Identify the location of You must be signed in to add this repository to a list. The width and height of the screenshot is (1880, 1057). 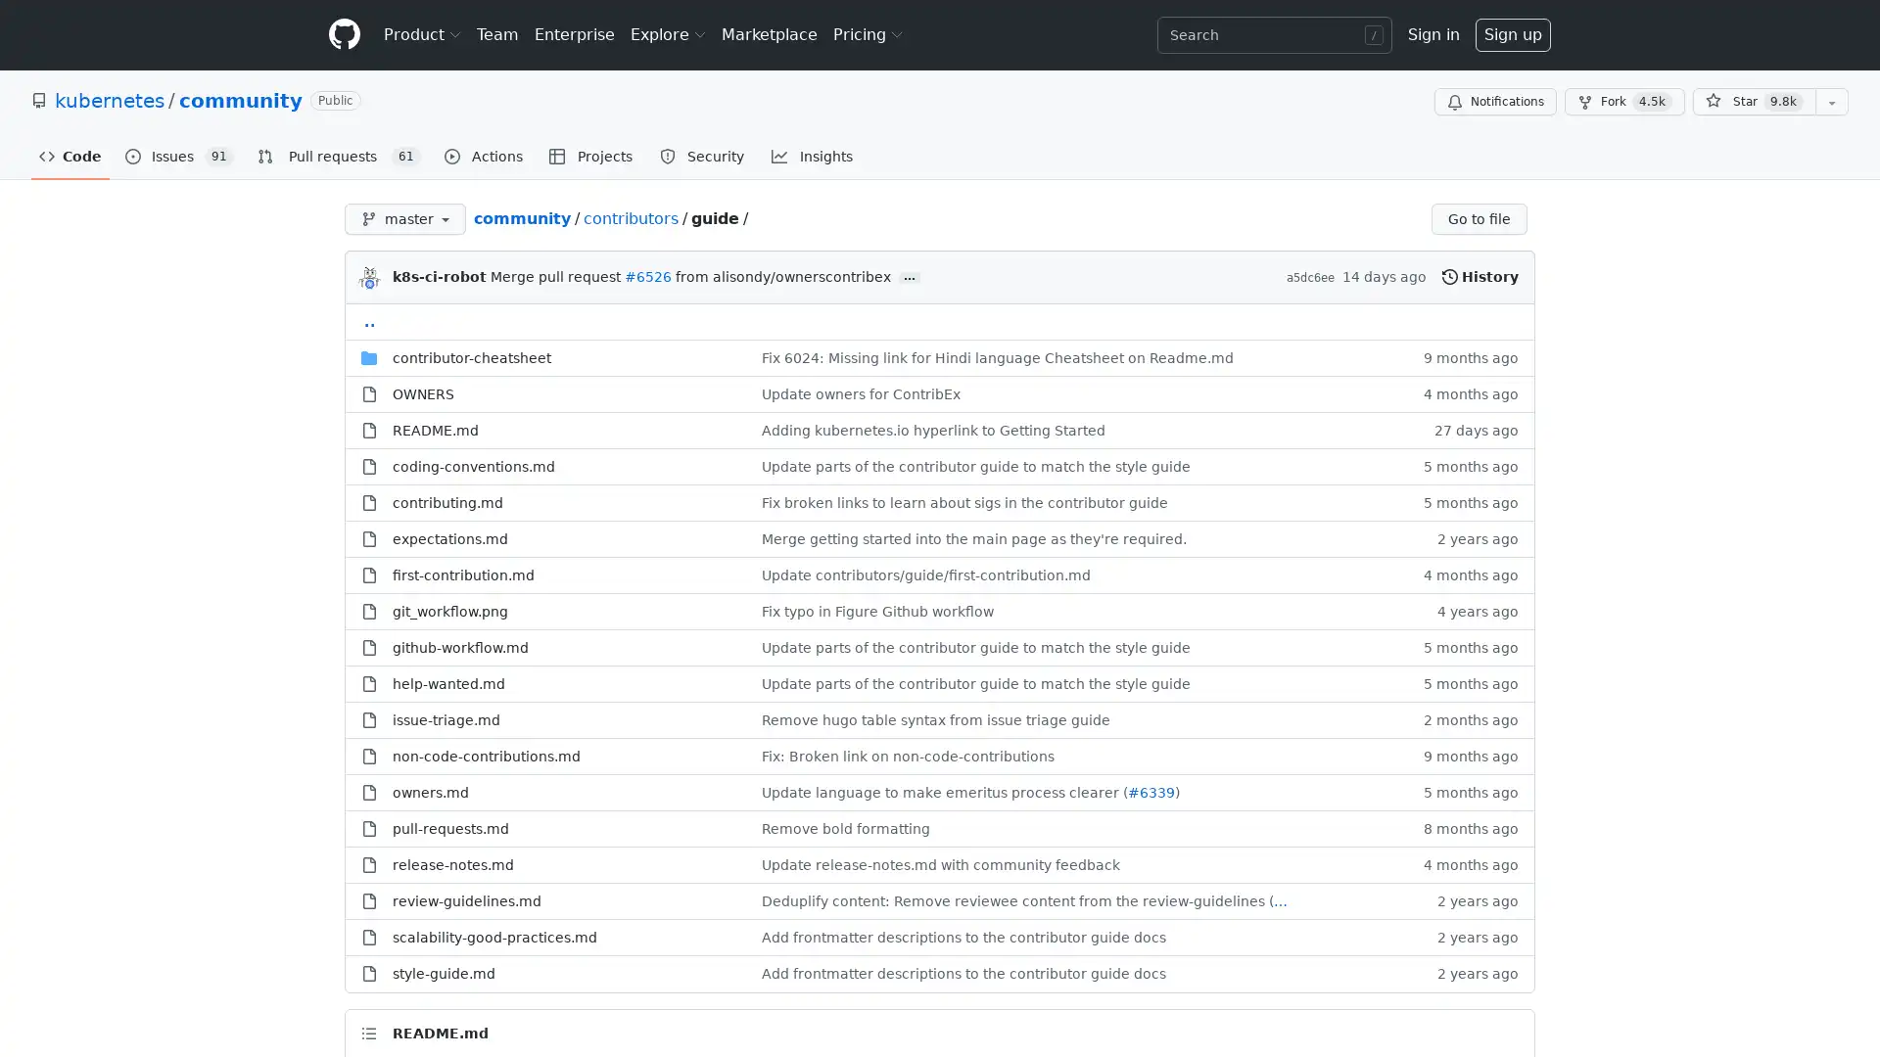
(1831, 102).